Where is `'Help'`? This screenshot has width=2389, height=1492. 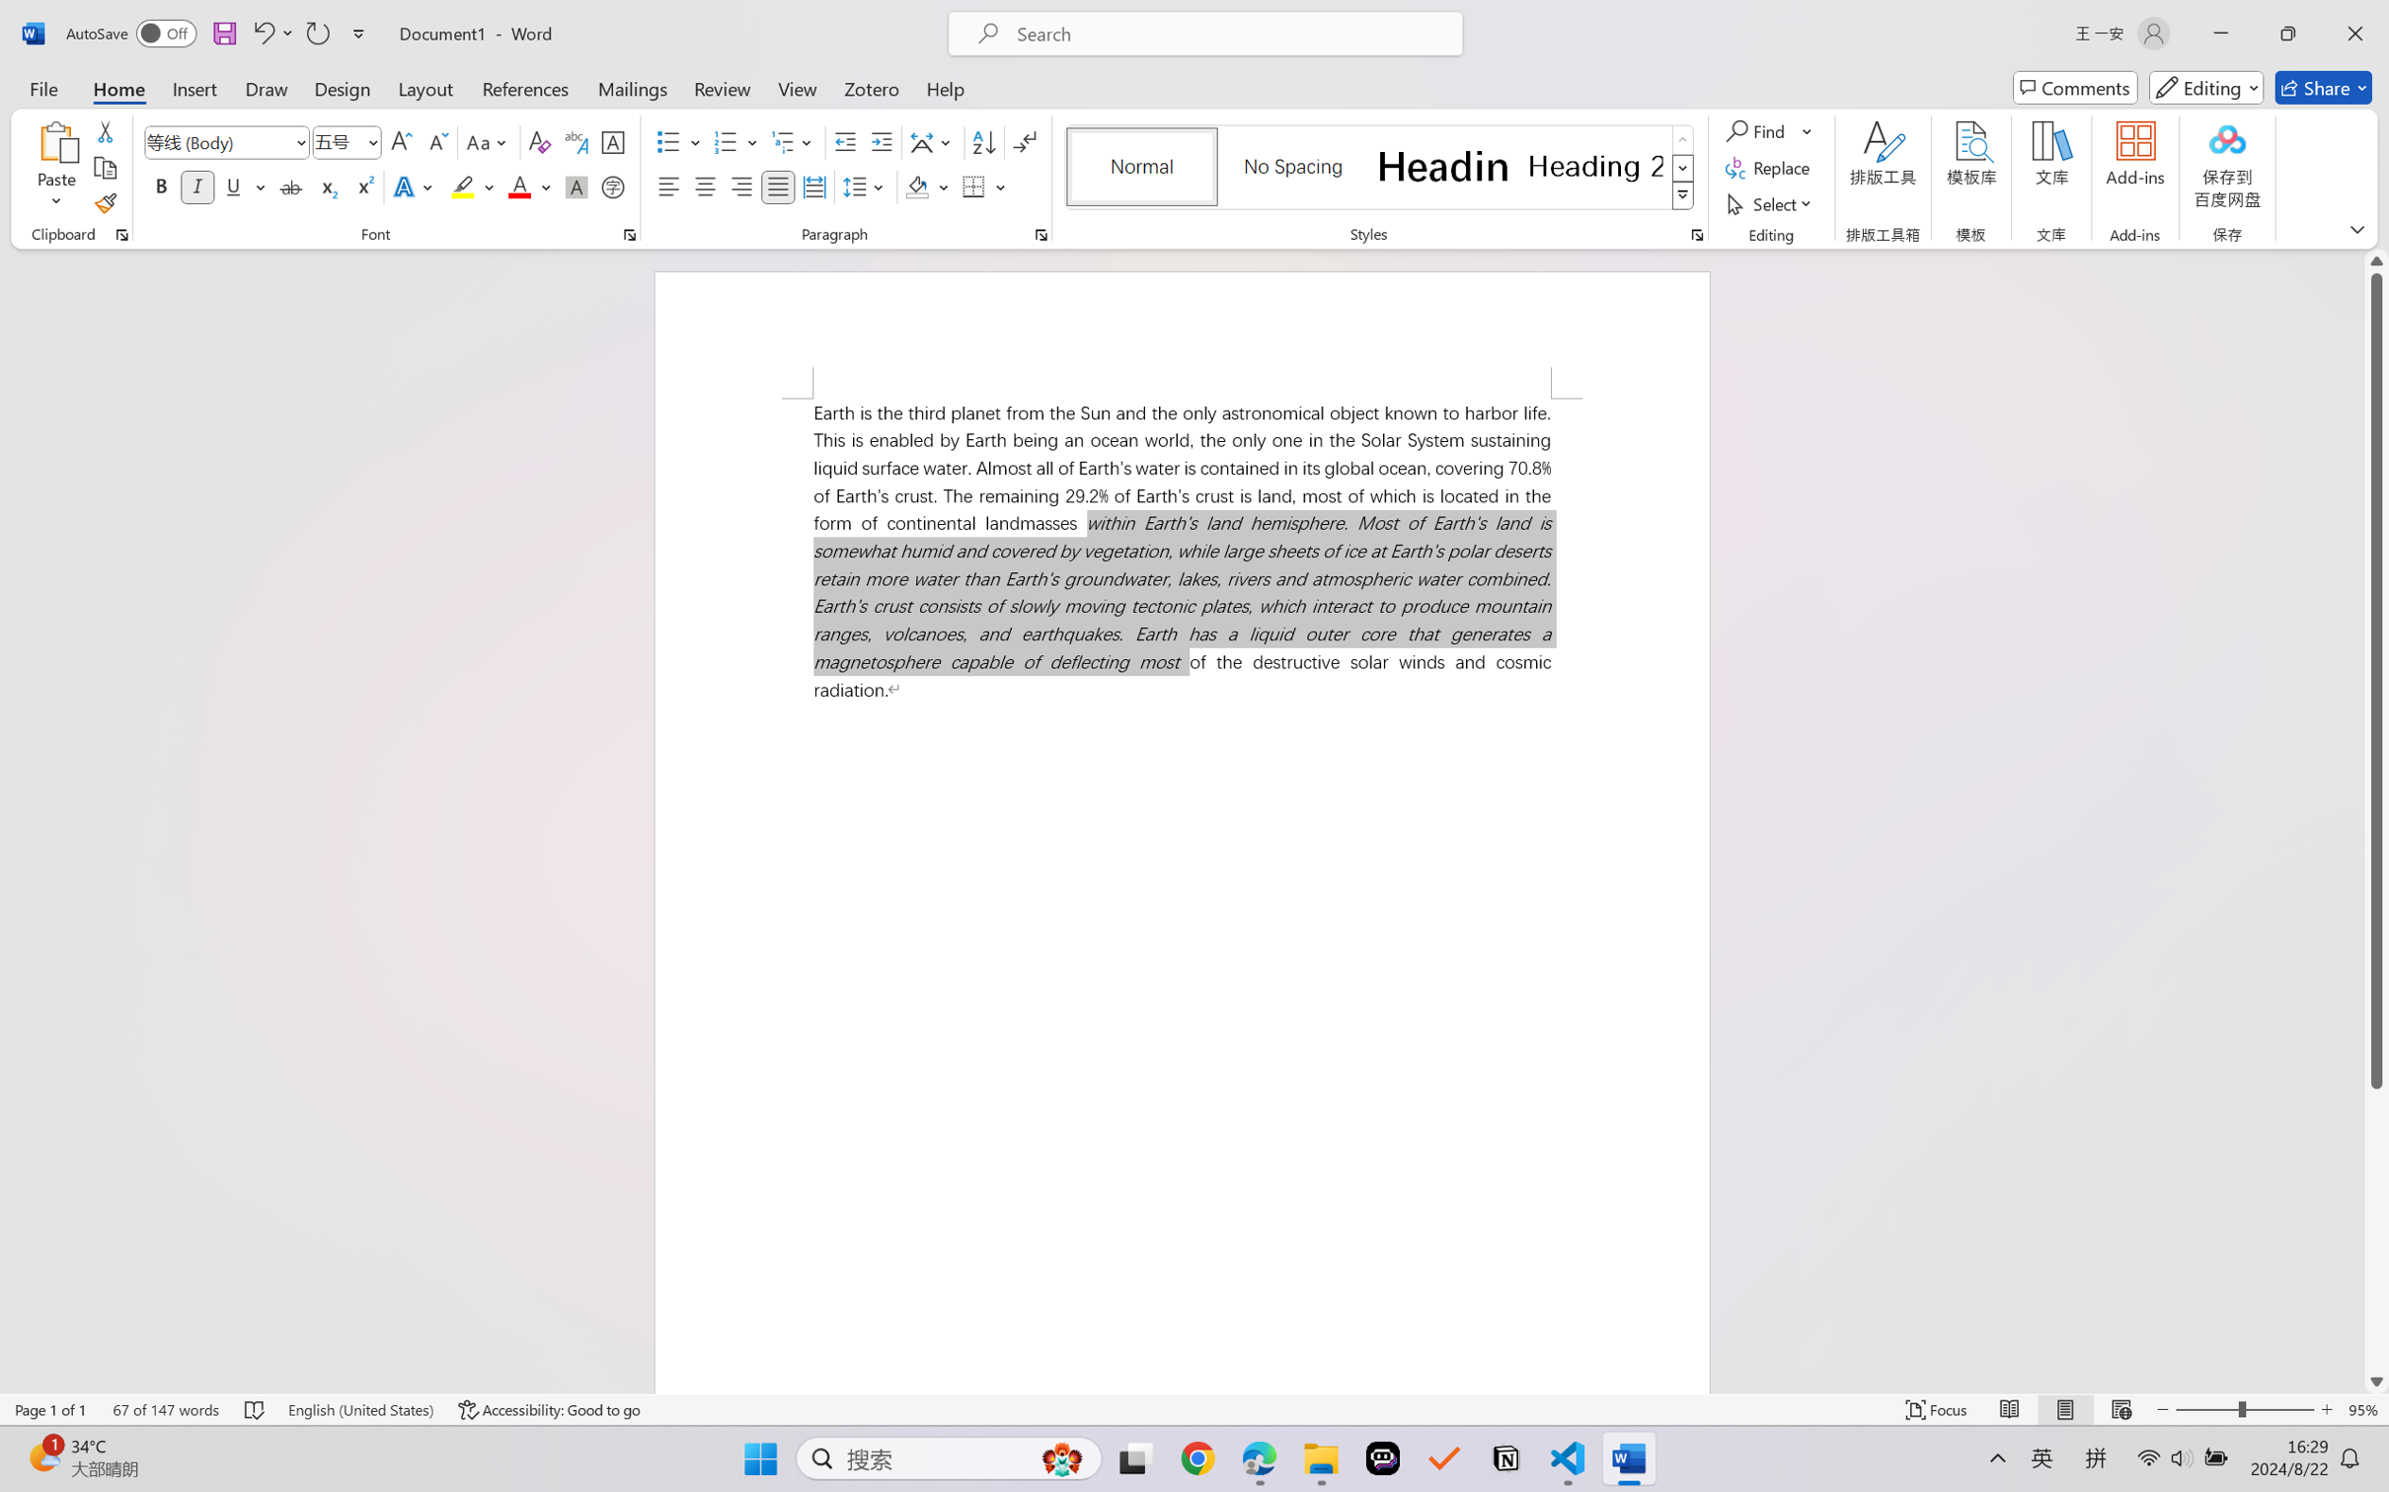
'Help' is located at coordinates (944, 87).